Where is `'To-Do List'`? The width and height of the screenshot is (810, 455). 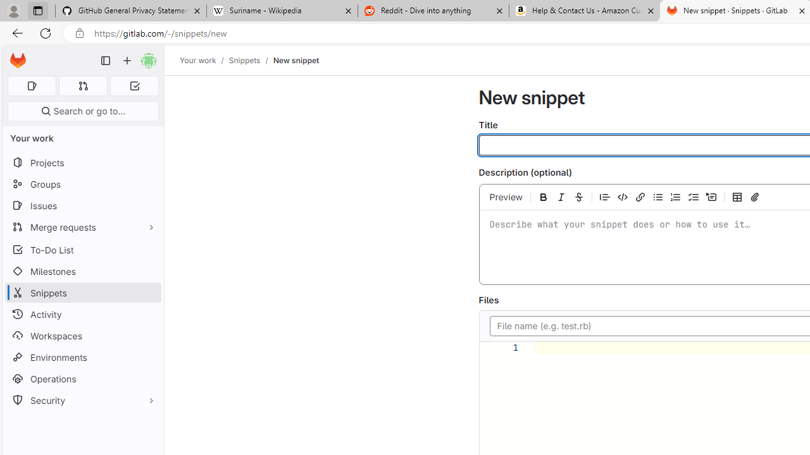
'To-Do List' is located at coordinates (82, 250).